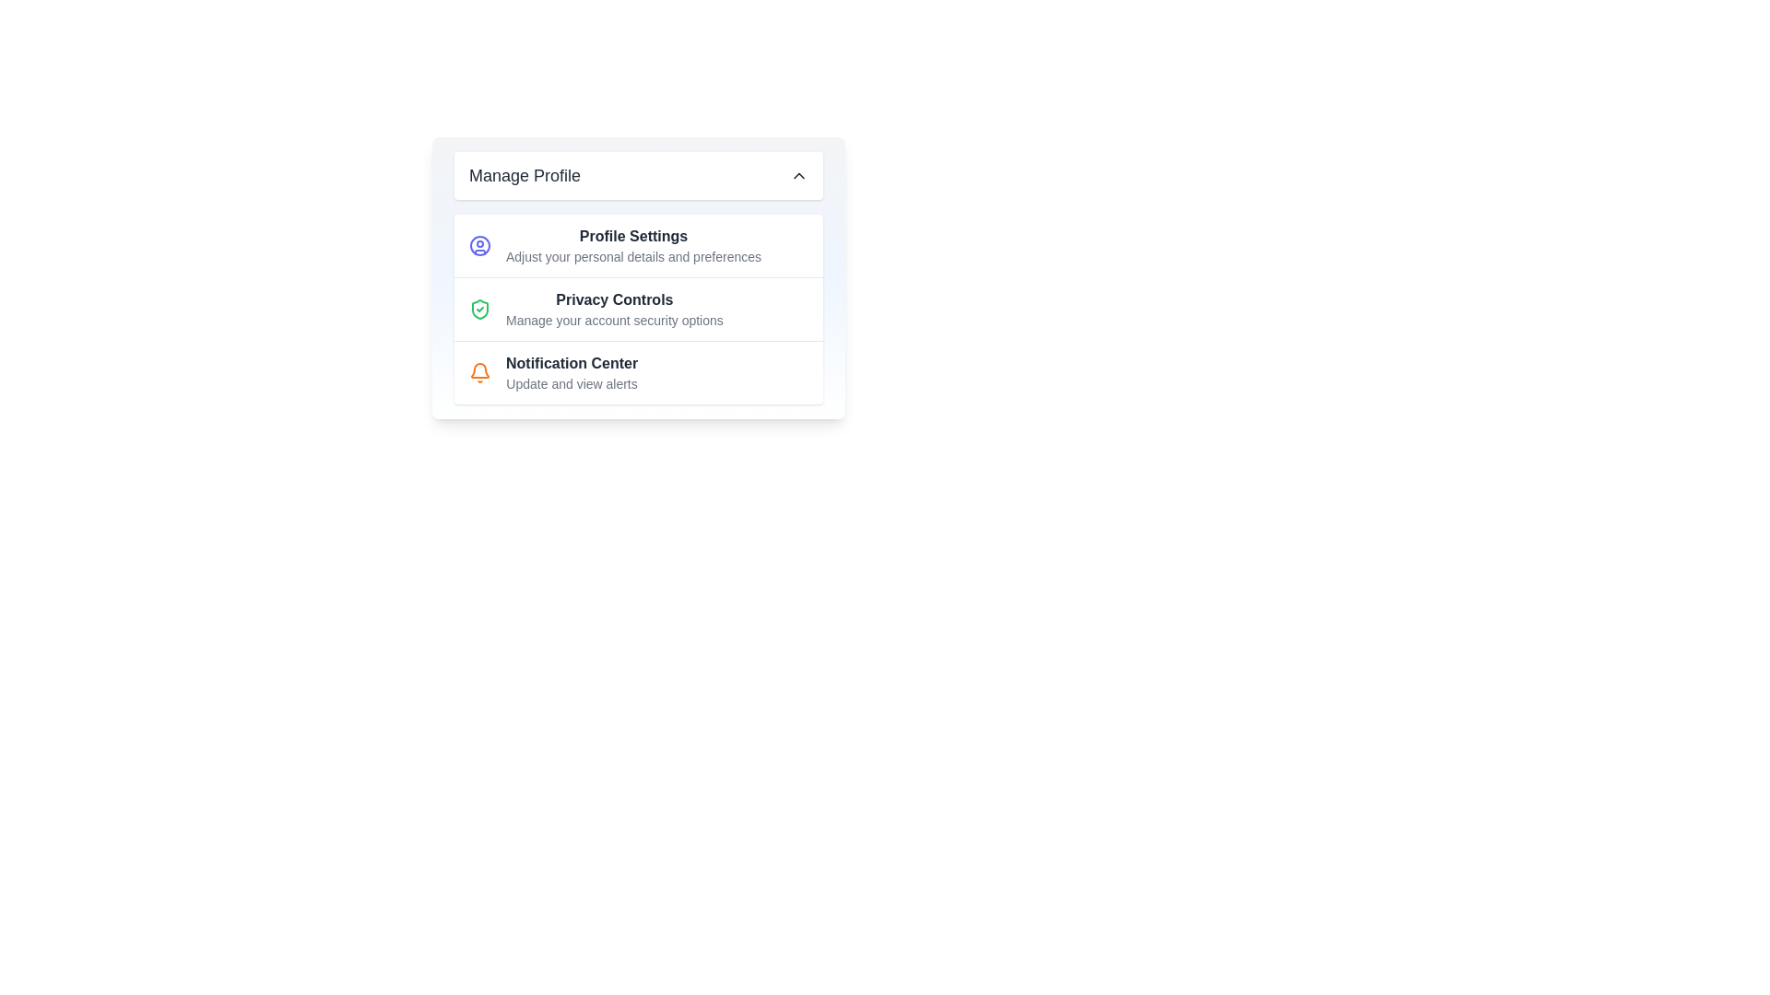 The height and width of the screenshot is (995, 1770). I want to click on the Text Label with Description that serves as a navigation link for notifications, located below 'Profile Settings' and 'Privacy Controls' in the 'Manage Profile' section, so click(571, 373).